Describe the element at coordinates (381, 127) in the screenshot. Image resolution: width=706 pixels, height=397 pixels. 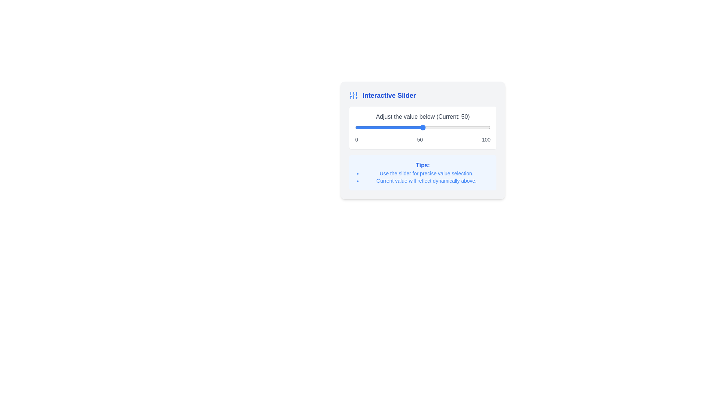
I see `the slider value` at that location.